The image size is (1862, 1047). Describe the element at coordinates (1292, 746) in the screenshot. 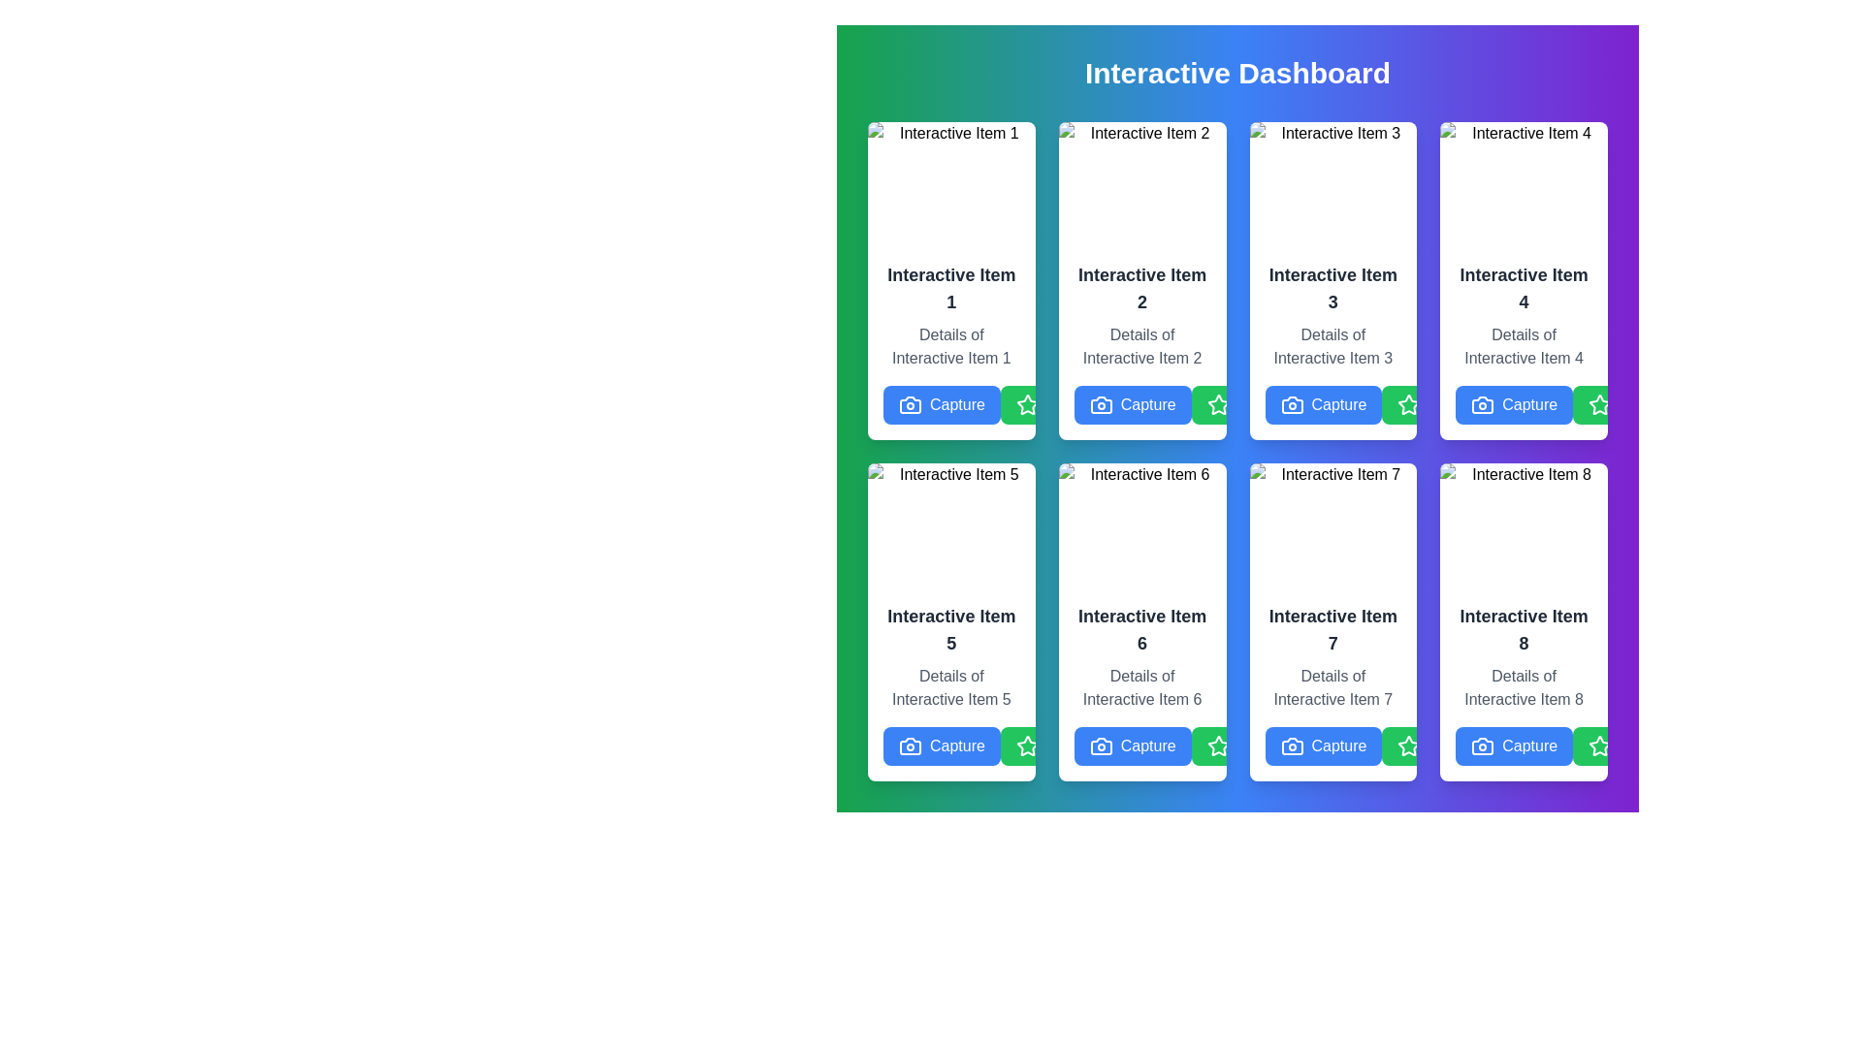

I see `the camera icon located to the left of the green star icon within the 'Capture' button under the 'Interactive Item 7' card to initiate the capture function` at that location.